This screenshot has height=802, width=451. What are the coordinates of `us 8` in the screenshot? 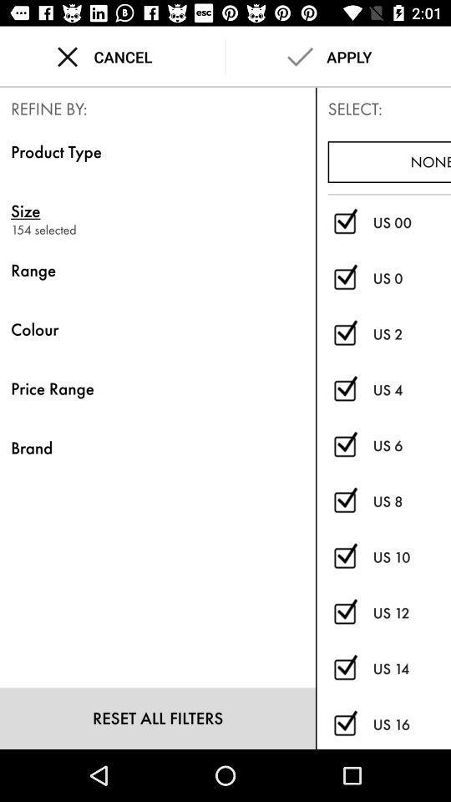 It's located at (411, 501).